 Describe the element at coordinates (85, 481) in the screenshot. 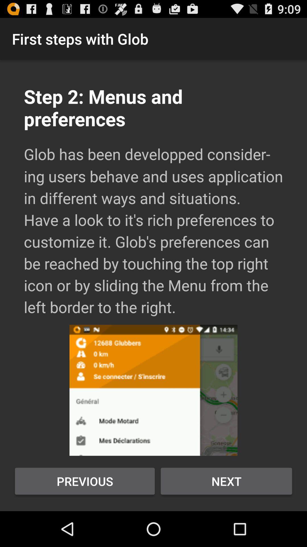

I see `previous icon` at that location.